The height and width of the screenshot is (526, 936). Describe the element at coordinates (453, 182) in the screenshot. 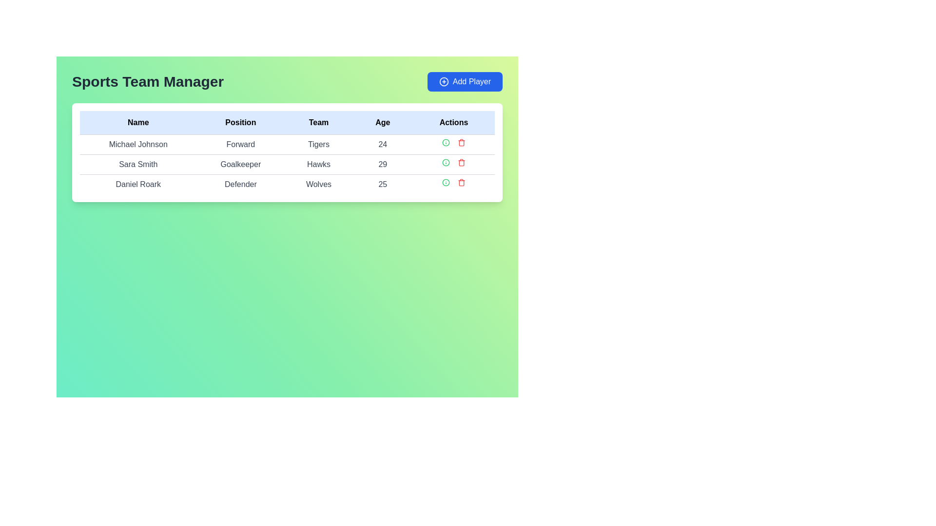

I see `the action controls for the player 'Daniel Roark', a Defender for Wolves, located in the last row of the table under the 'Actions' column` at that location.